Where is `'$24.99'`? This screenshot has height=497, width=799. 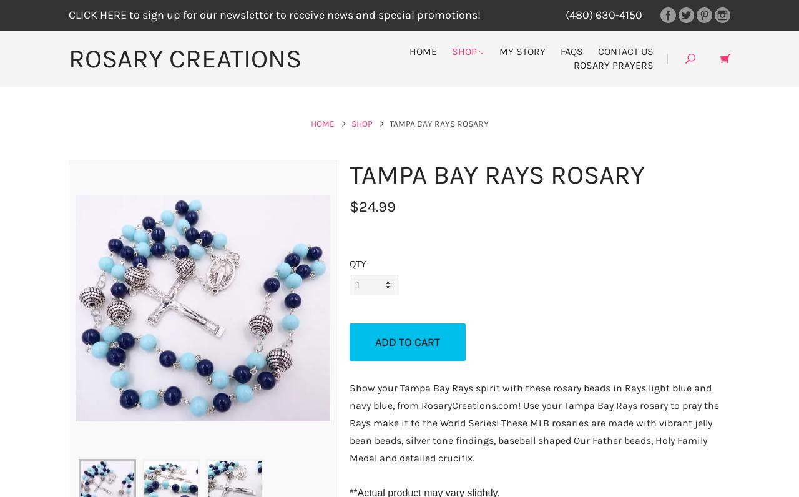
'$24.99' is located at coordinates (371, 206).